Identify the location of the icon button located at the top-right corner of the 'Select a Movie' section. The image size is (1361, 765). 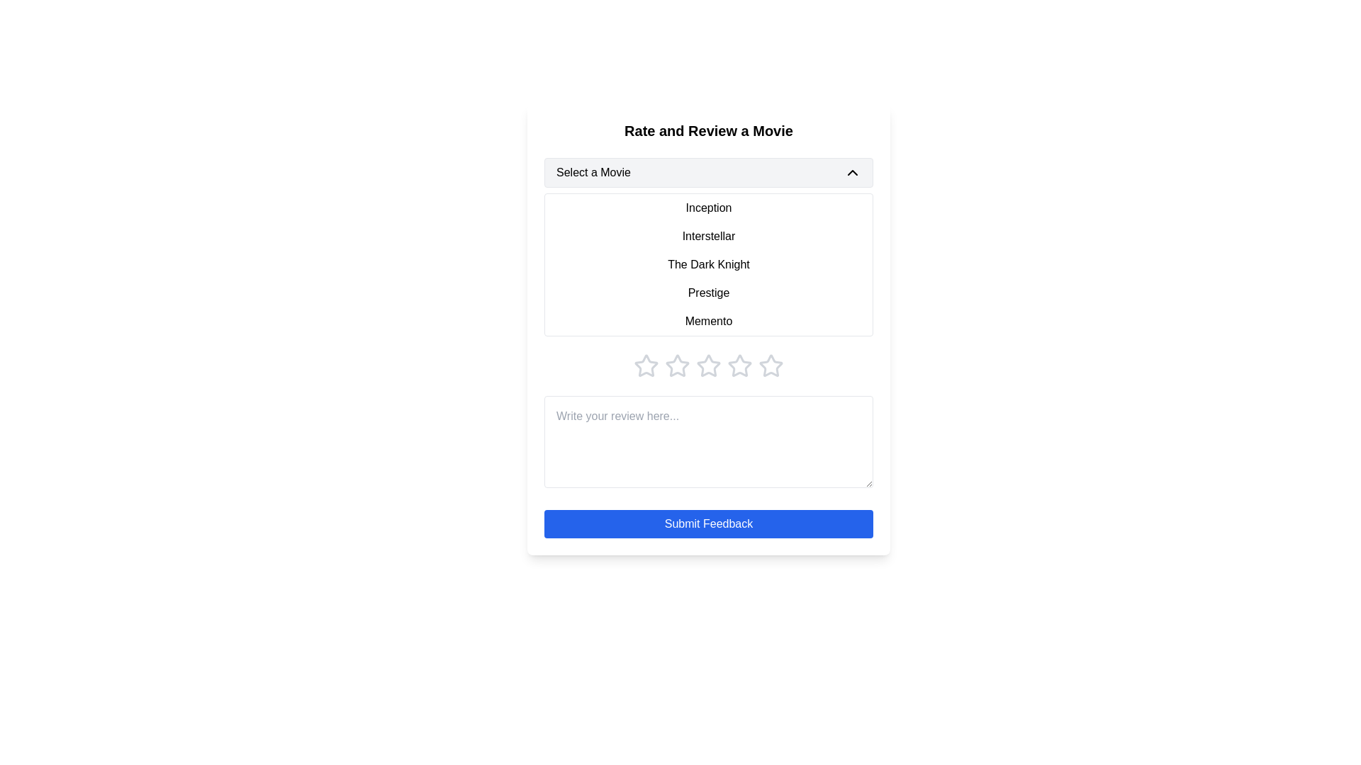
(852, 171).